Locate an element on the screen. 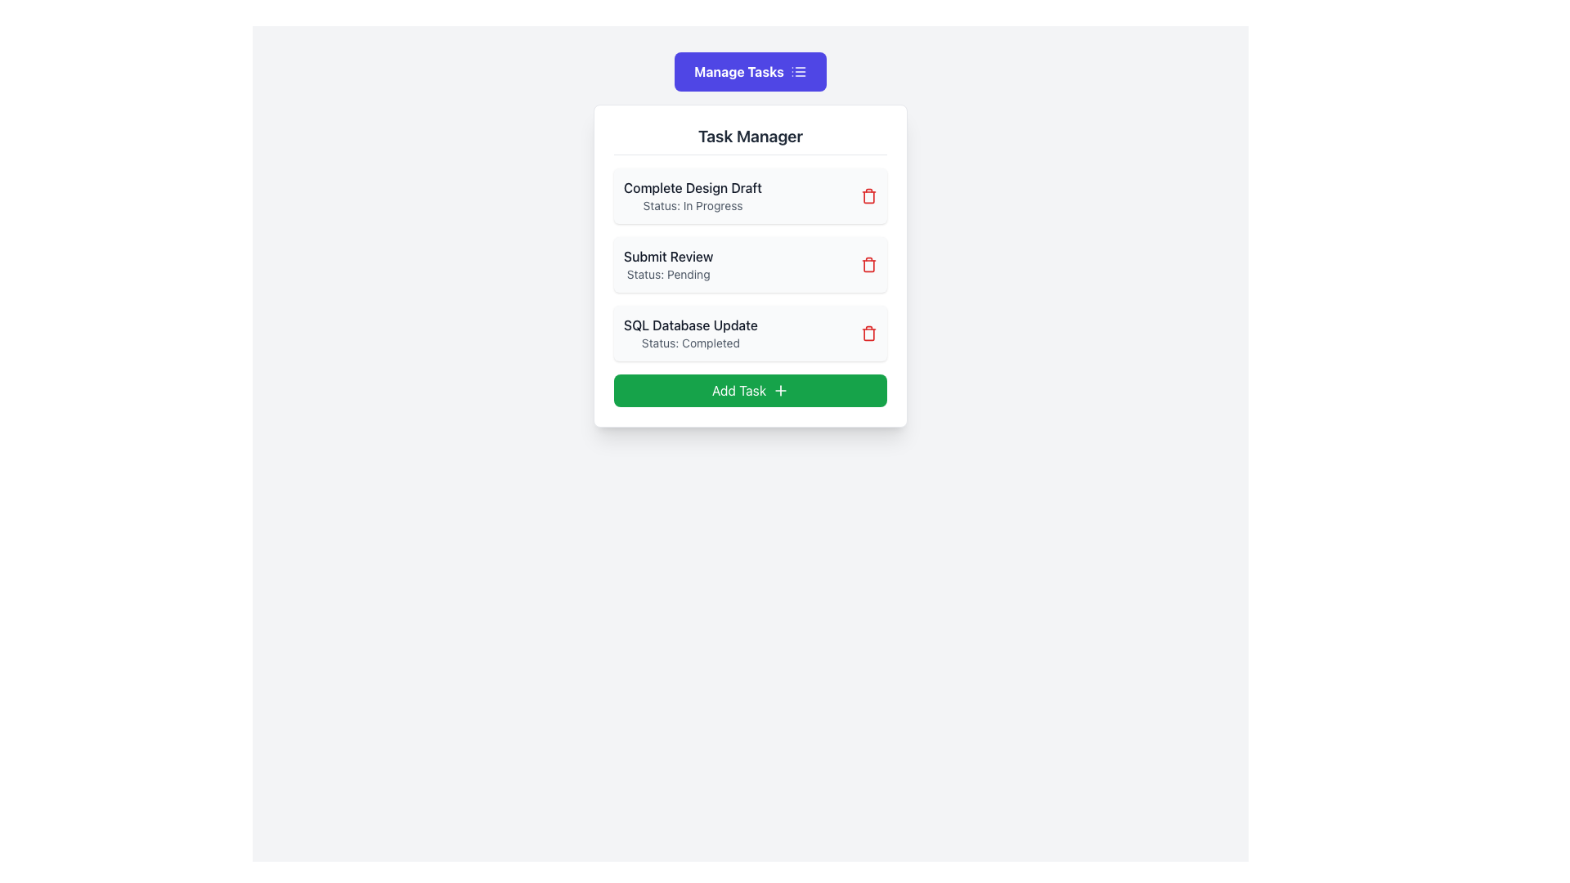 The image size is (1570, 883). the delete button positioned at the far right of the 'SQL Database Update' task in the task list is located at coordinates (868, 333).